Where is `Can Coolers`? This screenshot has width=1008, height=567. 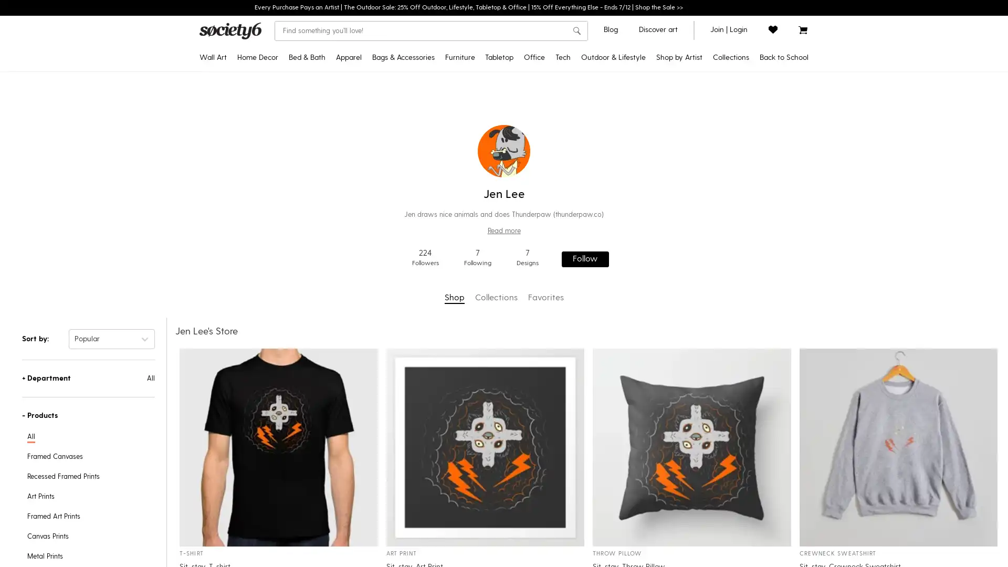
Can Coolers is located at coordinates (628, 219).